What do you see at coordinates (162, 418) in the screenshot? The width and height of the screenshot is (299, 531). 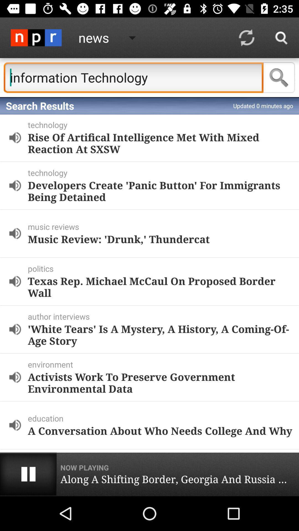 I see `the item above a conversation about icon` at bounding box center [162, 418].